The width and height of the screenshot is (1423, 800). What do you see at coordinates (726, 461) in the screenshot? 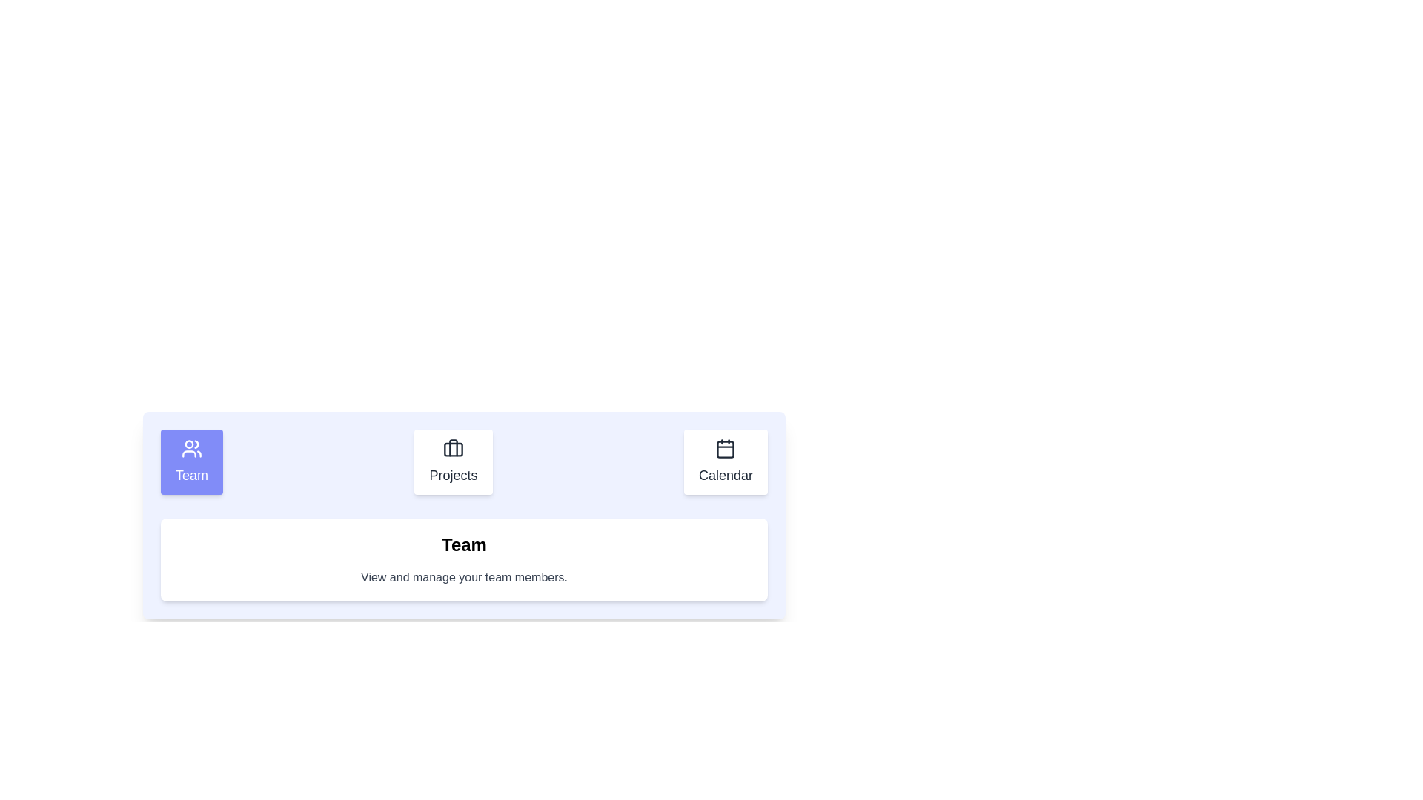
I see `the Calendar tab to observe its hover effect` at bounding box center [726, 461].